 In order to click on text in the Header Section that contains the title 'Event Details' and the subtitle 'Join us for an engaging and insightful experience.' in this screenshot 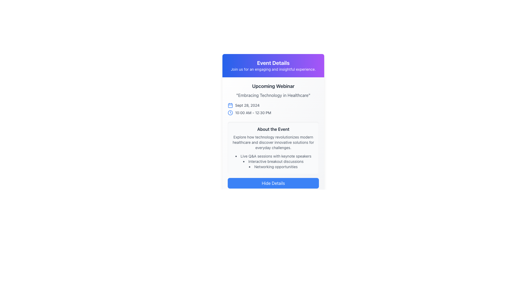, I will do `click(273, 65)`.